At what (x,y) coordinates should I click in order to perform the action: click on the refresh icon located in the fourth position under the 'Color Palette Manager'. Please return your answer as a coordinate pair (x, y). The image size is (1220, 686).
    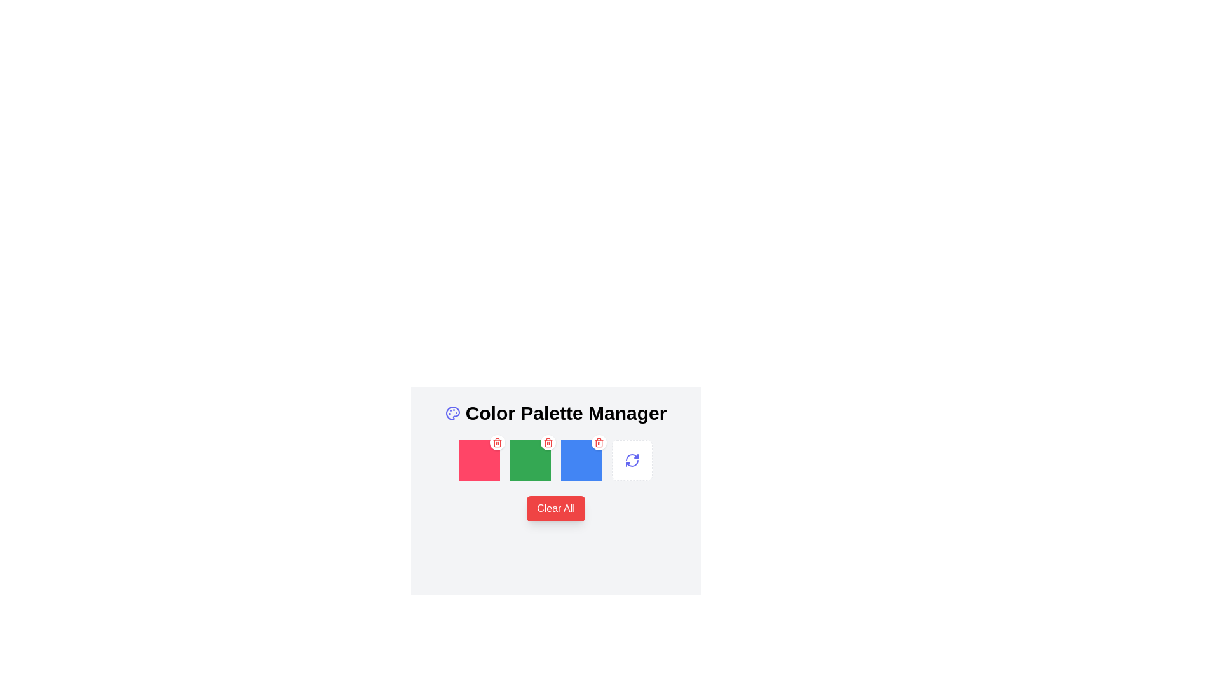
    Looking at the image, I should click on (632, 461).